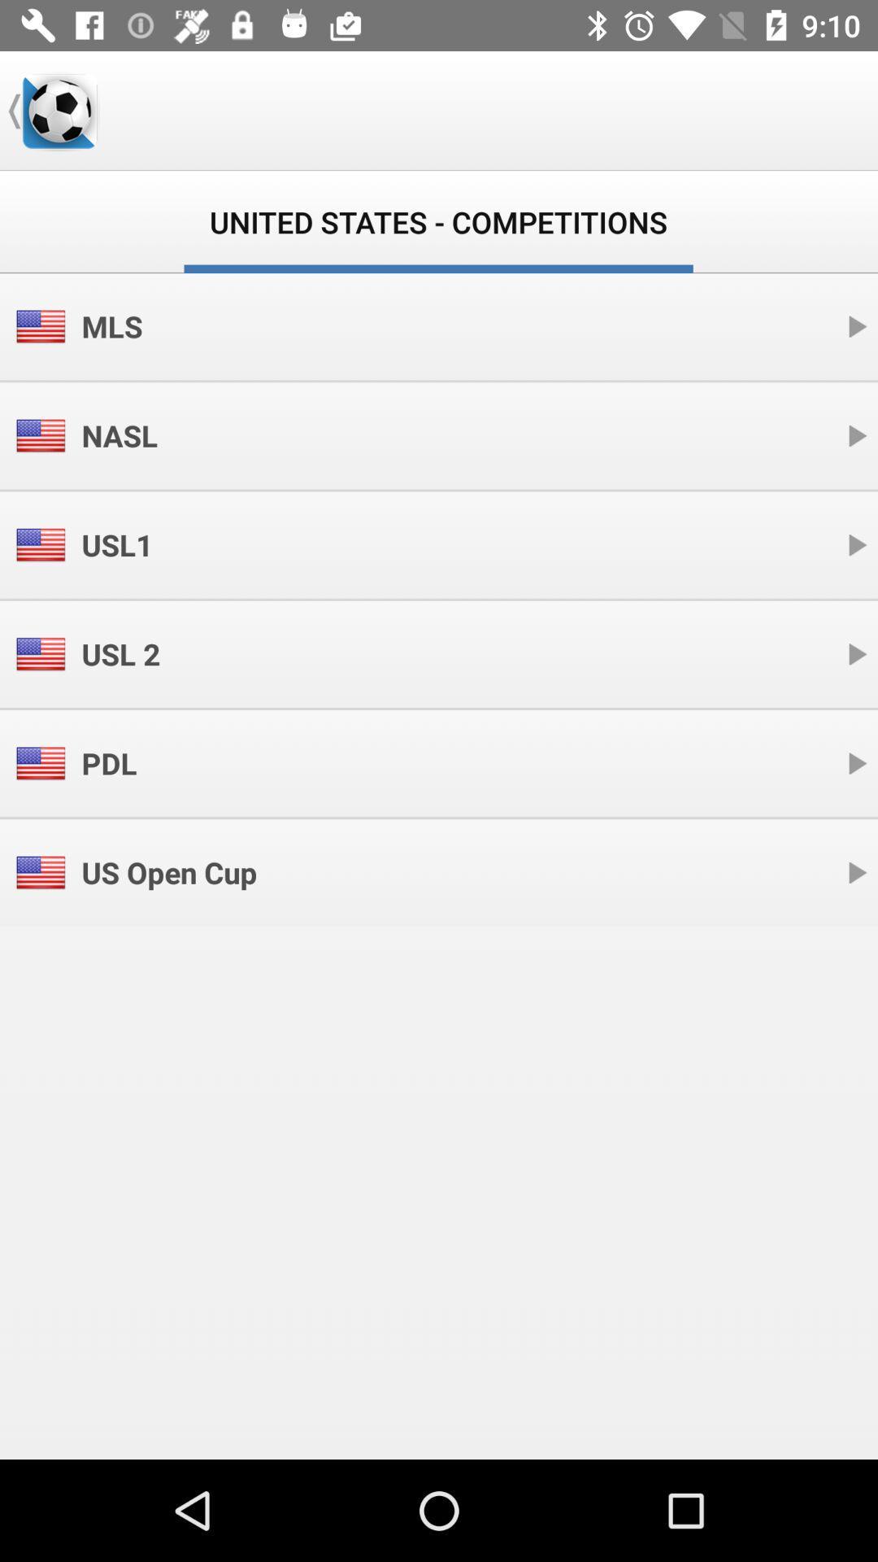 The image size is (878, 1562). I want to click on the us open cup icon, so click(169, 871).